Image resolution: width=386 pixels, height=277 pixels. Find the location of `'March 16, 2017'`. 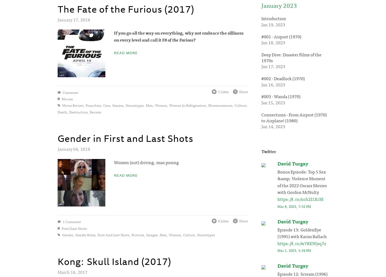

'March 16, 2017' is located at coordinates (72, 271).